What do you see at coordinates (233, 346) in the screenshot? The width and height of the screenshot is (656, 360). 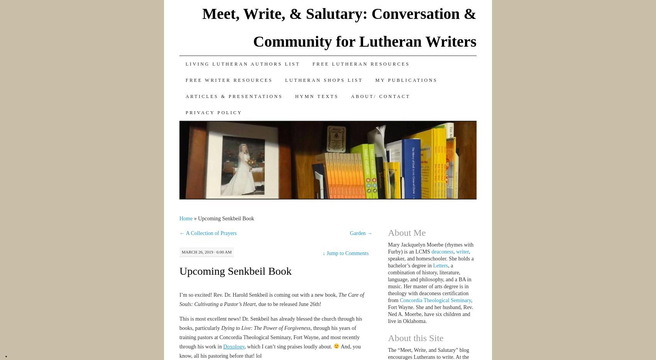 I see `'Doxology'` at bounding box center [233, 346].